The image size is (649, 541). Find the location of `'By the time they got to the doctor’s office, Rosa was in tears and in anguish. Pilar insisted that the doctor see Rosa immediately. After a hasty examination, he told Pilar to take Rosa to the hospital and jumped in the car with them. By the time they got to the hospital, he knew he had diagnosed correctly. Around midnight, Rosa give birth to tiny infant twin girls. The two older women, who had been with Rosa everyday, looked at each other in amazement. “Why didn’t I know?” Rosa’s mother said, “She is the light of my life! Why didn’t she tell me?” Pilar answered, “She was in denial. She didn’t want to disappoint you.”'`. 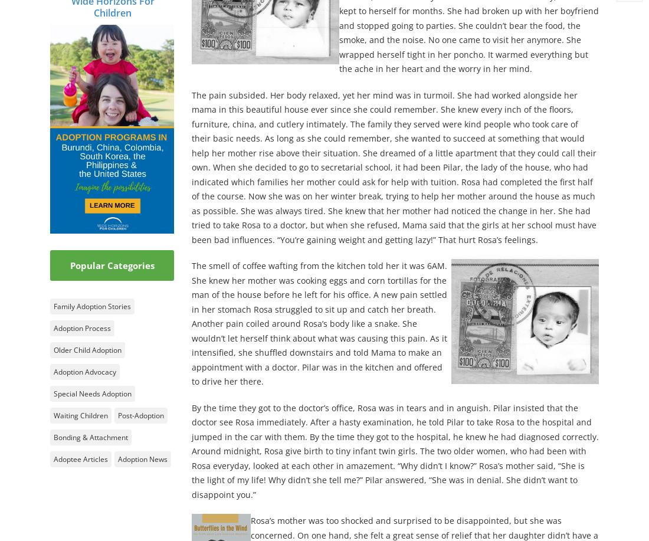

'By the time they got to the doctor’s office, Rosa was in tears and in anguish. Pilar insisted that the doctor see Rosa immediately. After a hasty examination, he told Pilar to take Rosa to the hospital and jumped in the car with them. By the time they got to the hospital, he knew he had diagnosed correctly. Around midnight, Rosa give birth to tiny infant twin girls. The two older women, who had been with Rosa everyday, looked at each other in amazement. “Why didn’t I know?” Rosa’s mother said, “She is the light of my life! Why didn’t she tell me?” Pilar answered, “She was in denial. She didn’t want to disappoint you.”' is located at coordinates (395, 450).